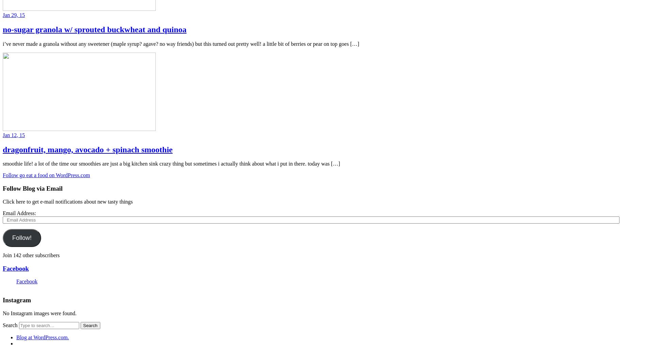 The width and height of the screenshot is (646, 361). I want to click on 'Jan 12, 15', so click(14, 135).